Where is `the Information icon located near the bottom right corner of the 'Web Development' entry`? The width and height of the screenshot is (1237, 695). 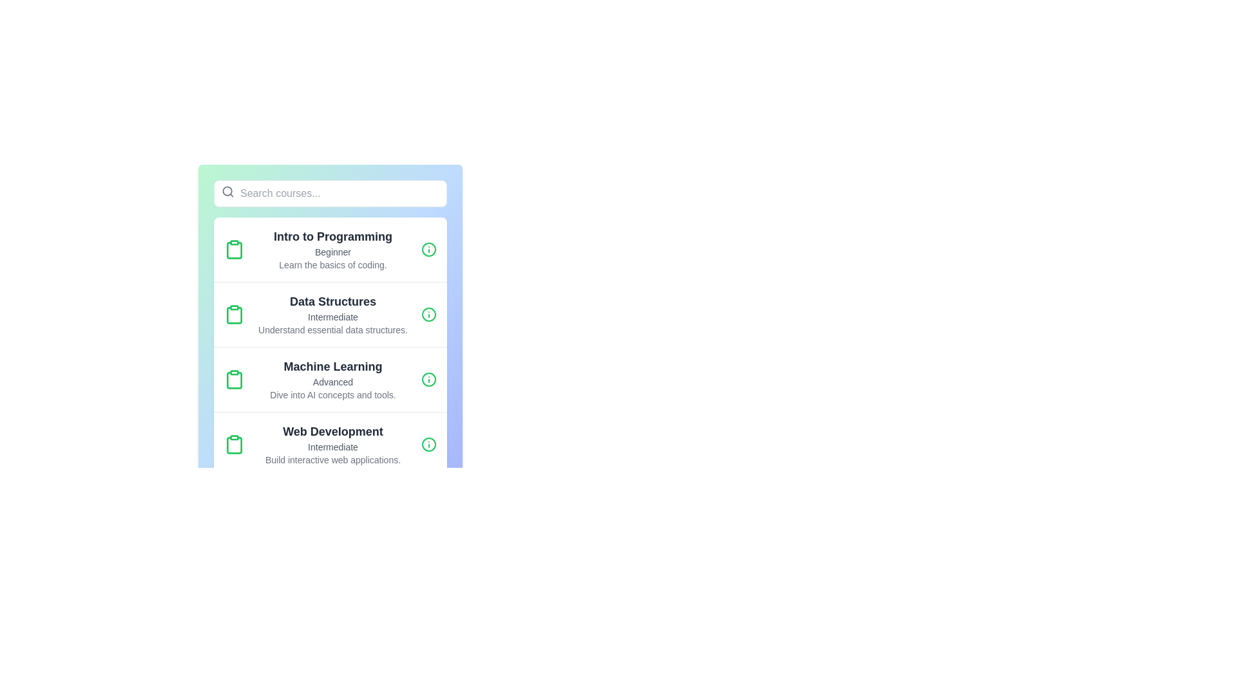
the Information icon located near the bottom right corner of the 'Web Development' entry is located at coordinates (429, 443).